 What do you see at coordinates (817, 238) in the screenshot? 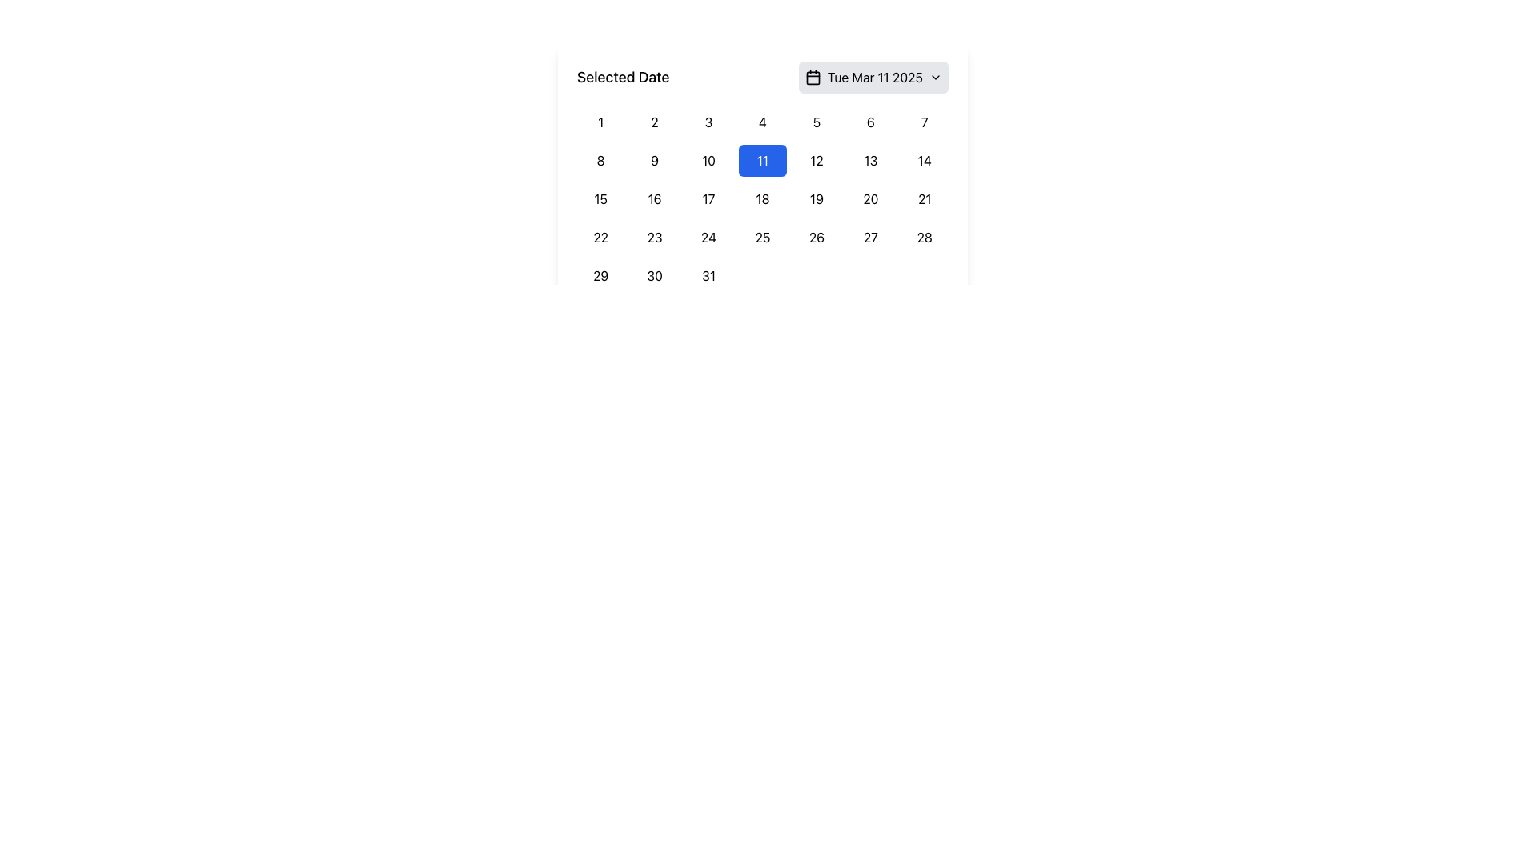
I see `the calendar date cell representing the date '26'` at bounding box center [817, 238].